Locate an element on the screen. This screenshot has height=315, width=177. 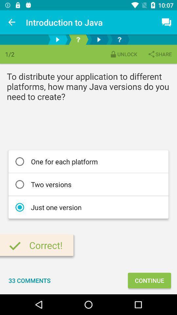
the music is located at coordinates (98, 39).